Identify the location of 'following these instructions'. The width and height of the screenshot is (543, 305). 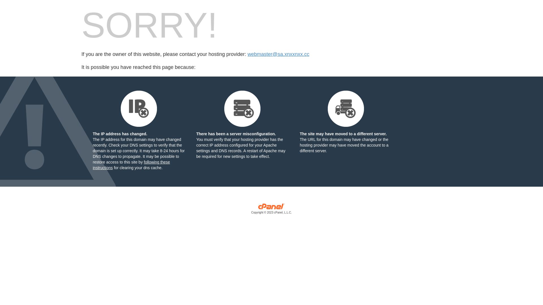
(131, 165).